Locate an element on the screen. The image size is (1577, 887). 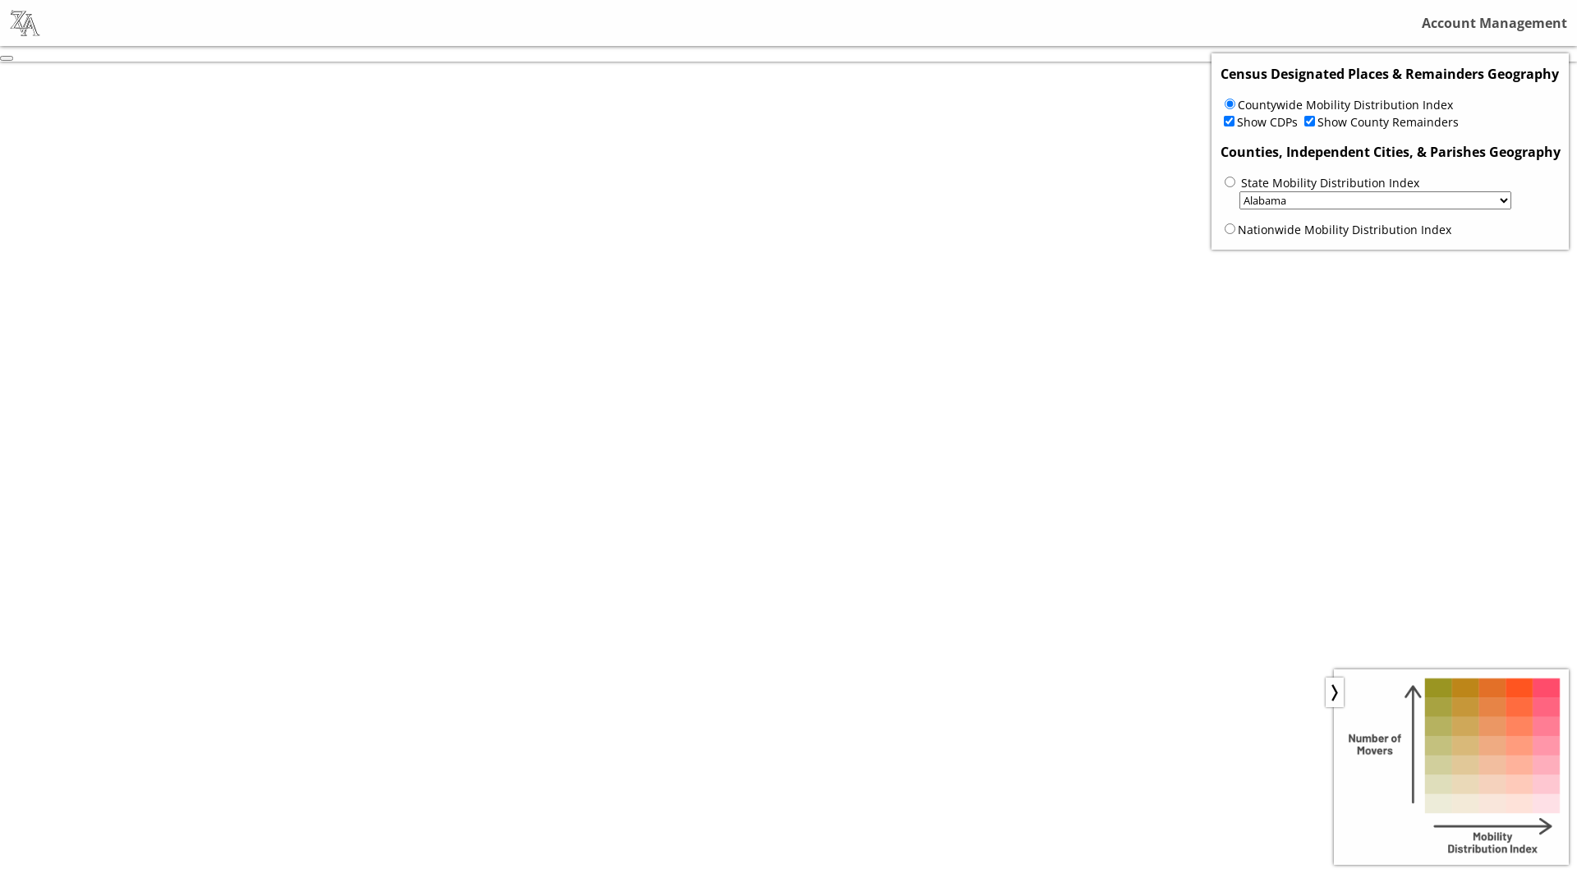
'Account Management' is located at coordinates (1421, 22).